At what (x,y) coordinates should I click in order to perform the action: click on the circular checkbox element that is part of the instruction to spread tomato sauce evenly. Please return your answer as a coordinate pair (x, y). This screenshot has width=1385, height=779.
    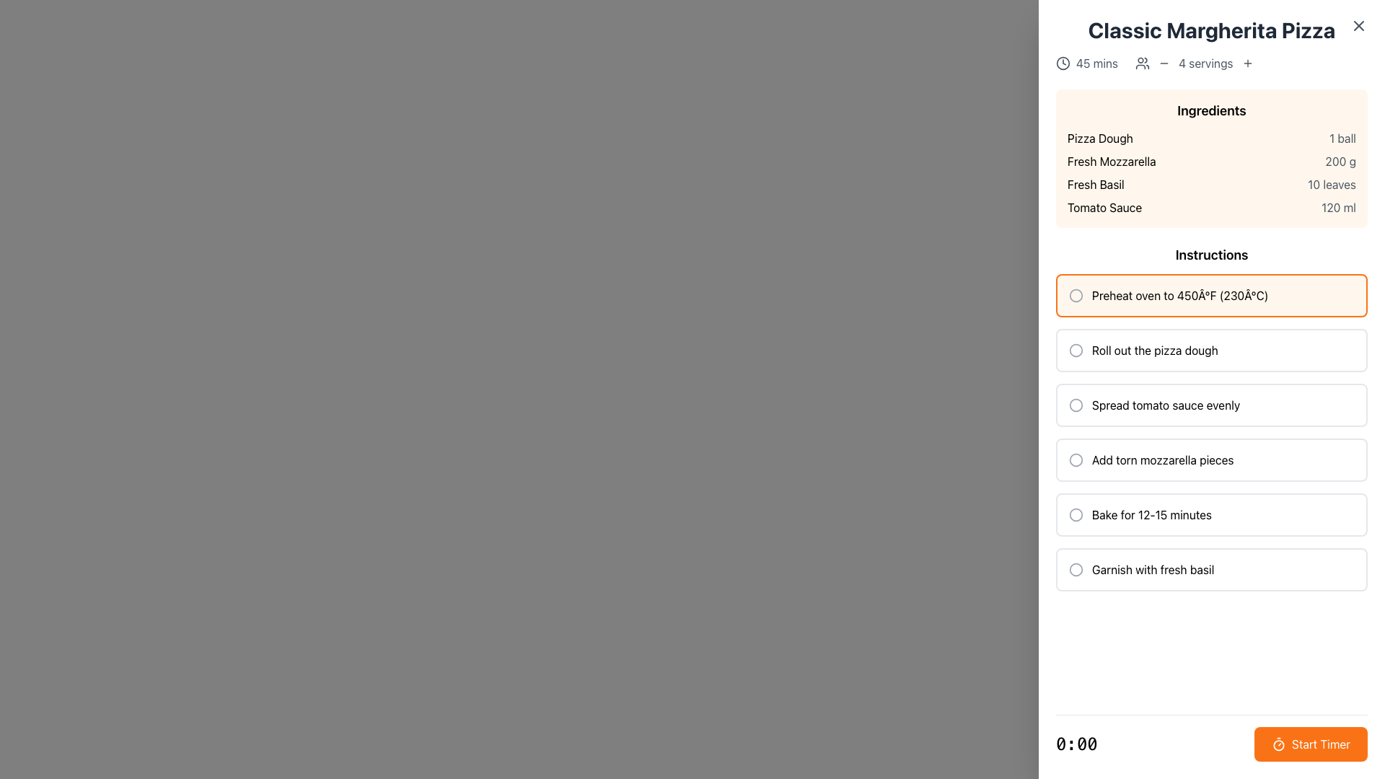
    Looking at the image, I should click on (1076, 405).